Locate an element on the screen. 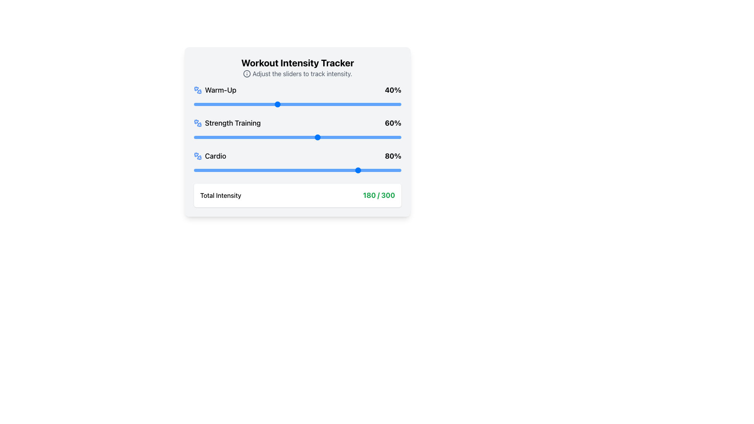 This screenshot has width=754, height=424. the bold green text displaying the fraction '180 / 300' located in the bottom right corner of the 'Total Intensity' section is located at coordinates (379, 195).